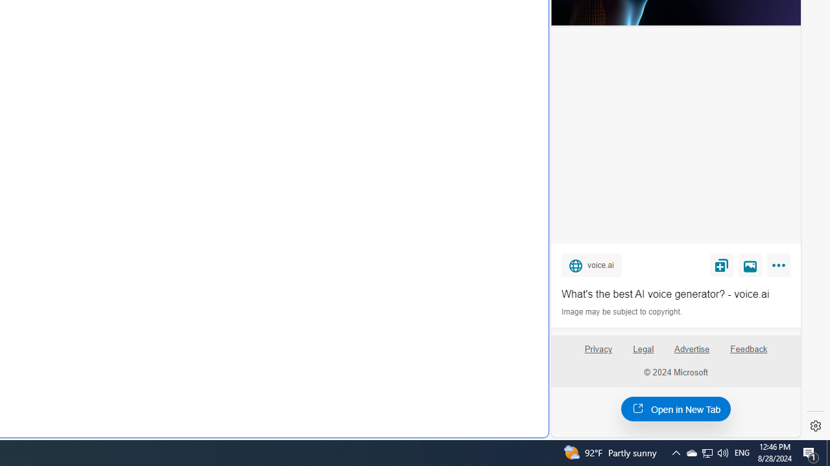 This screenshot has height=466, width=830. I want to click on 'Feedback', so click(749, 354).